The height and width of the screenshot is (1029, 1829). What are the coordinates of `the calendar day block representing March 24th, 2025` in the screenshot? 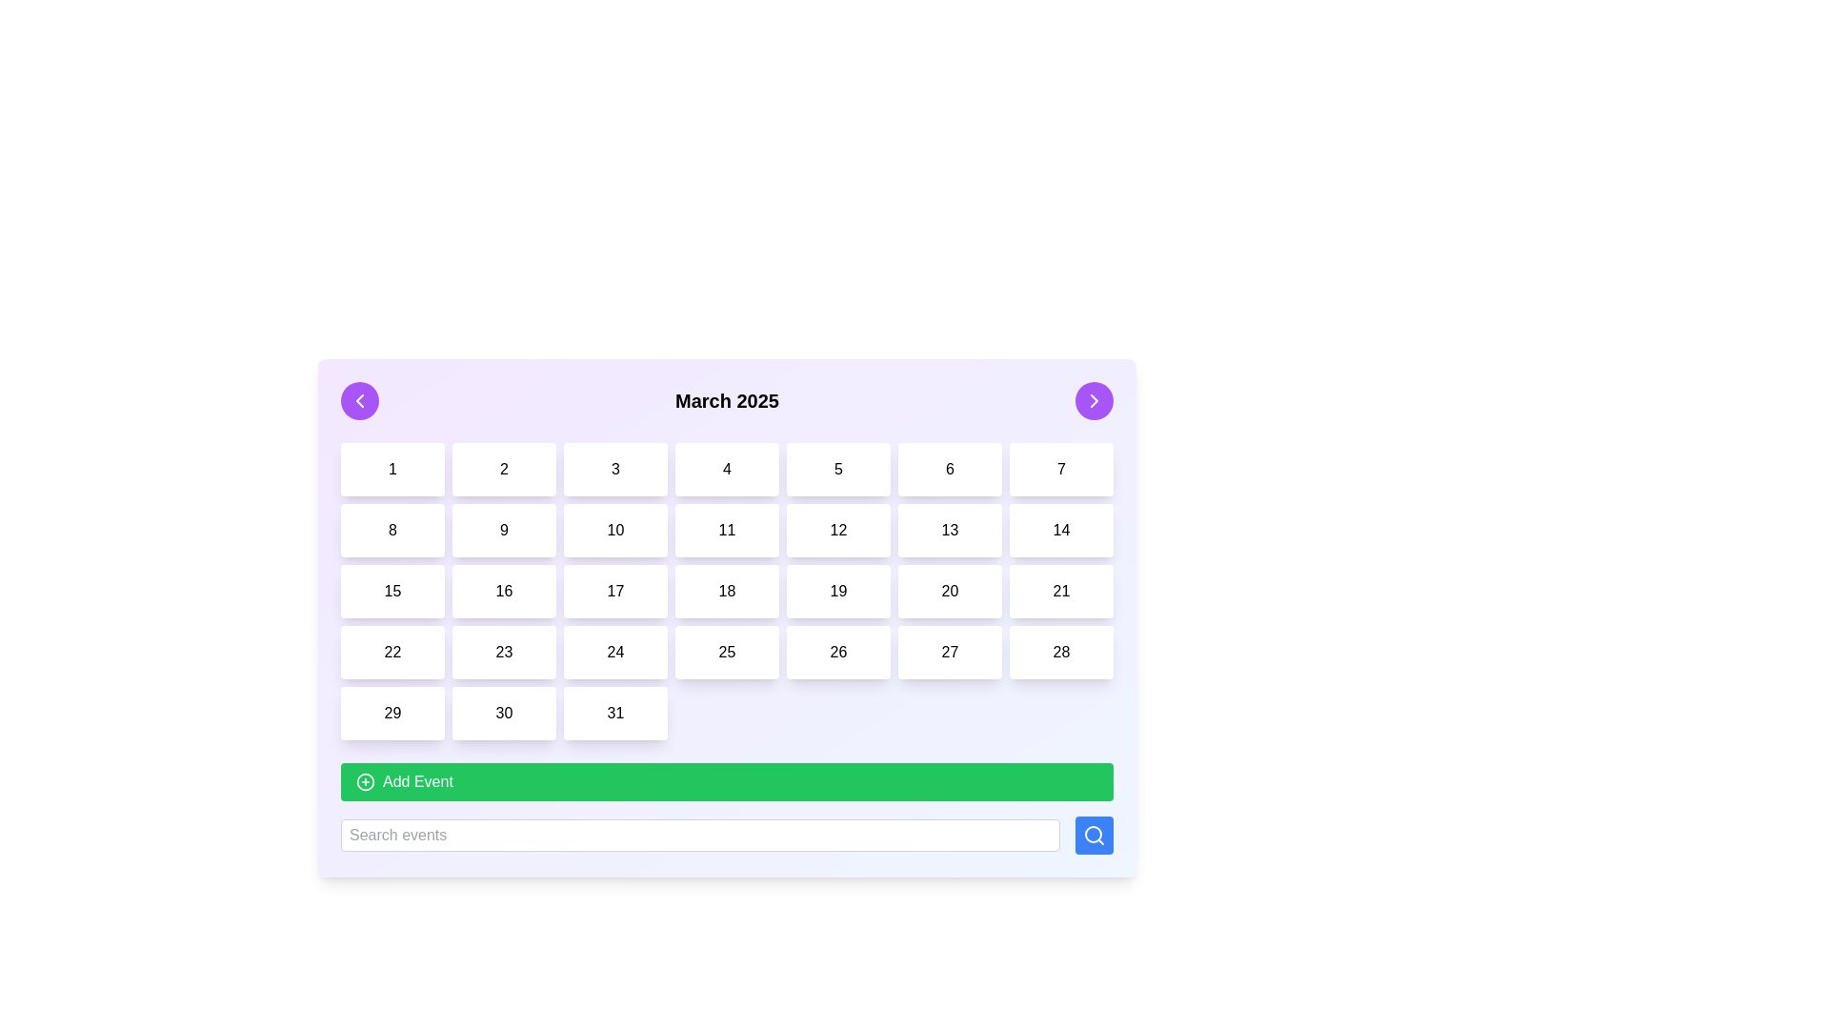 It's located at (615, 652).